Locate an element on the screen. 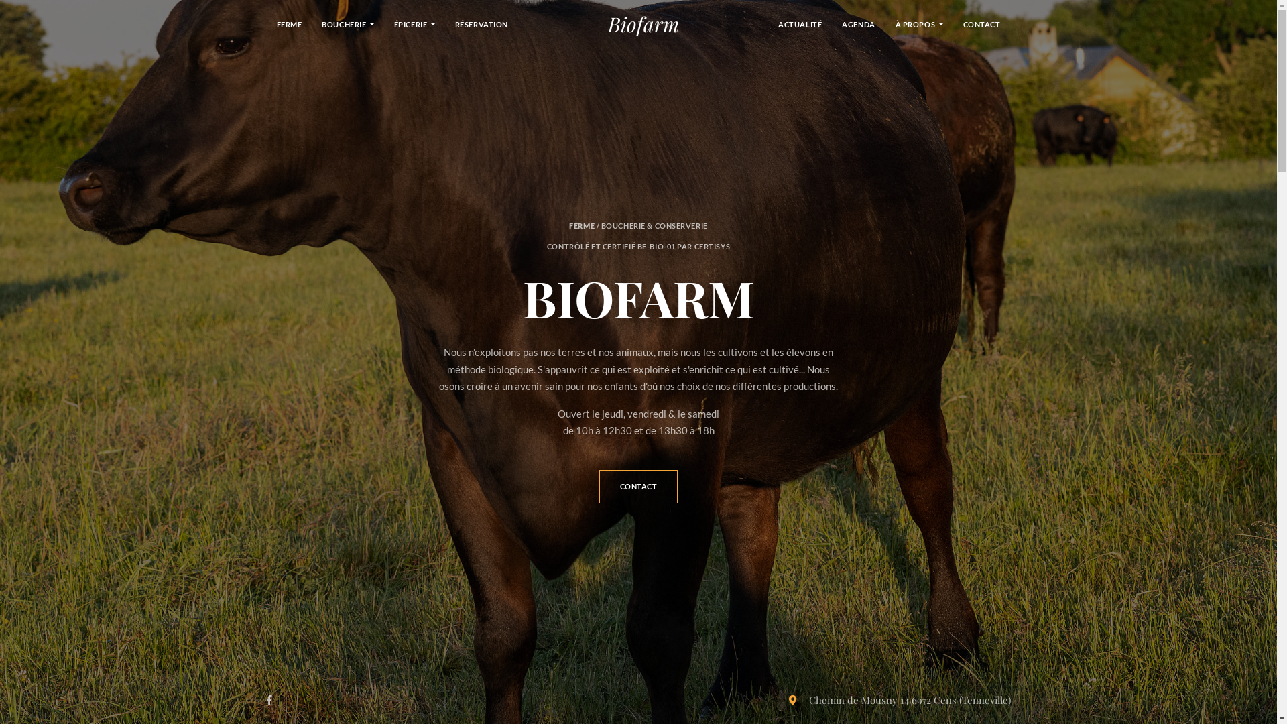  'AGENDA' is located at coordinates (858, 23).